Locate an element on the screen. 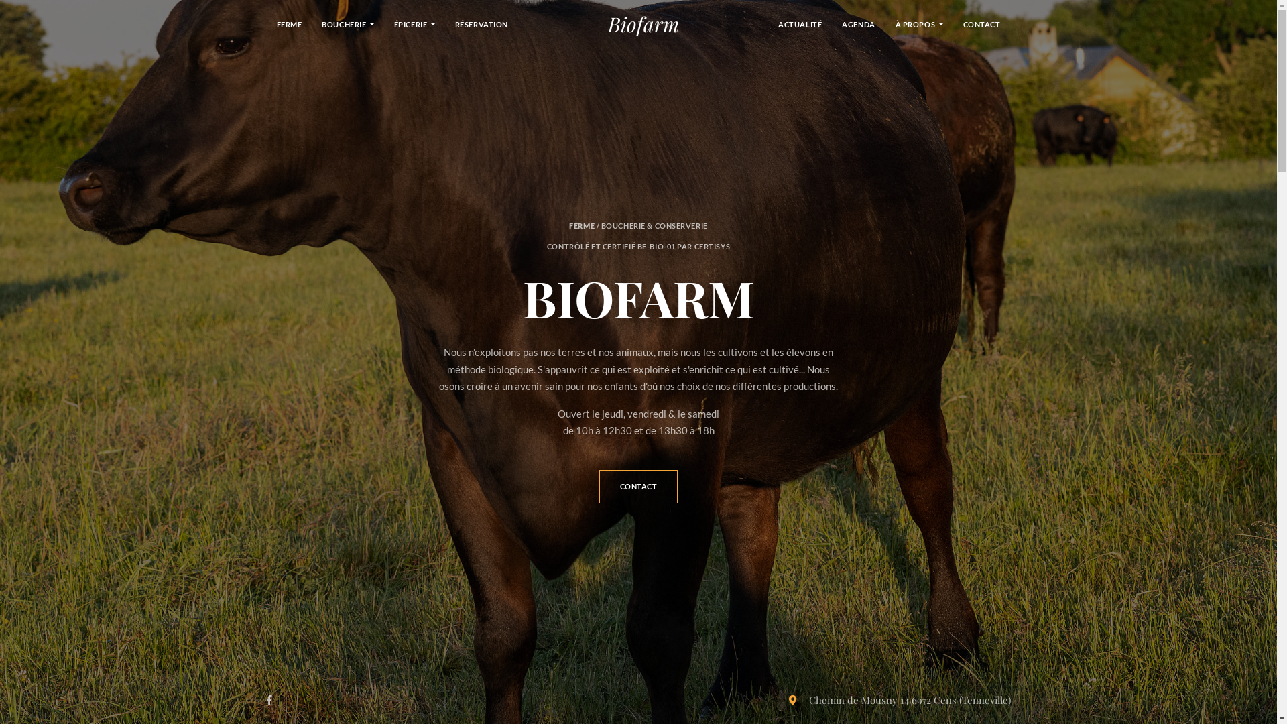  'AGENDA' is located at coordinates (858, 23).